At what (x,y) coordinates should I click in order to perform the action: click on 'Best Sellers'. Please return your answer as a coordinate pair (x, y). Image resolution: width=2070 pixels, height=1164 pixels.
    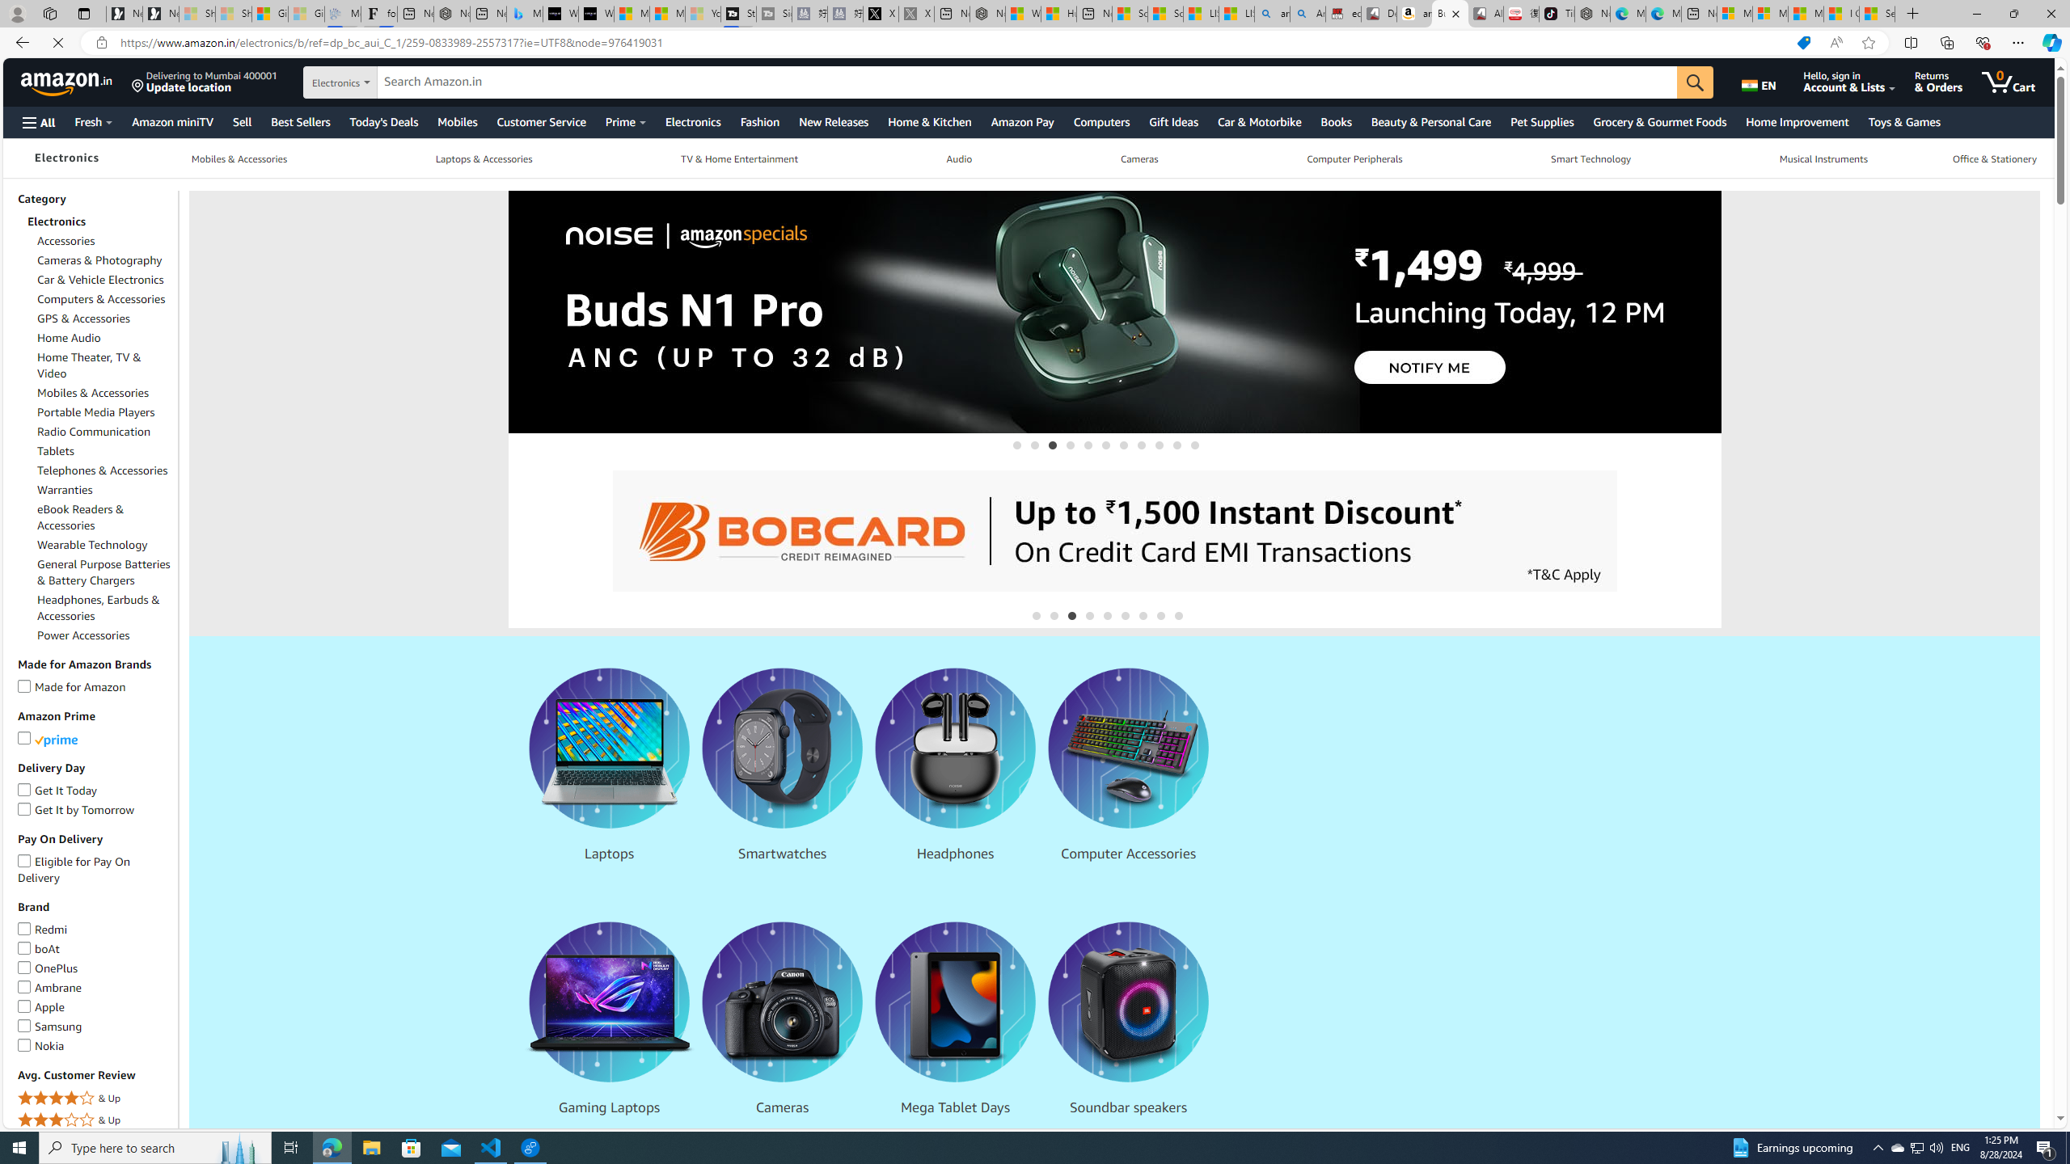
    Looking at the image, I should click on (299, 121).